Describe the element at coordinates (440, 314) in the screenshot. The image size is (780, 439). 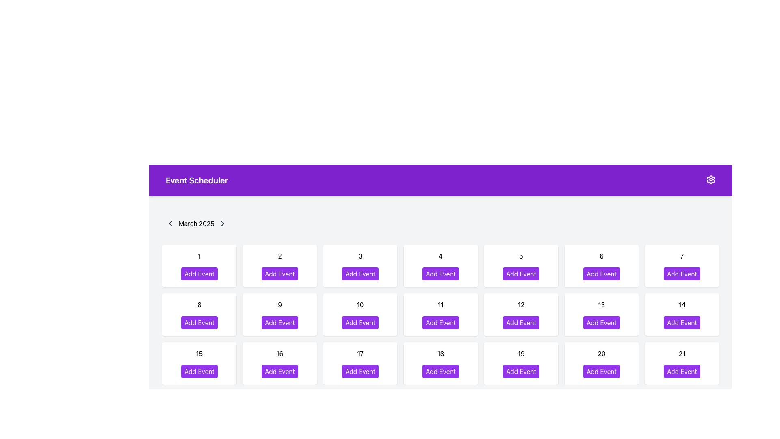
I see `the interactive card element containing the 'Add Event' button` at that location.